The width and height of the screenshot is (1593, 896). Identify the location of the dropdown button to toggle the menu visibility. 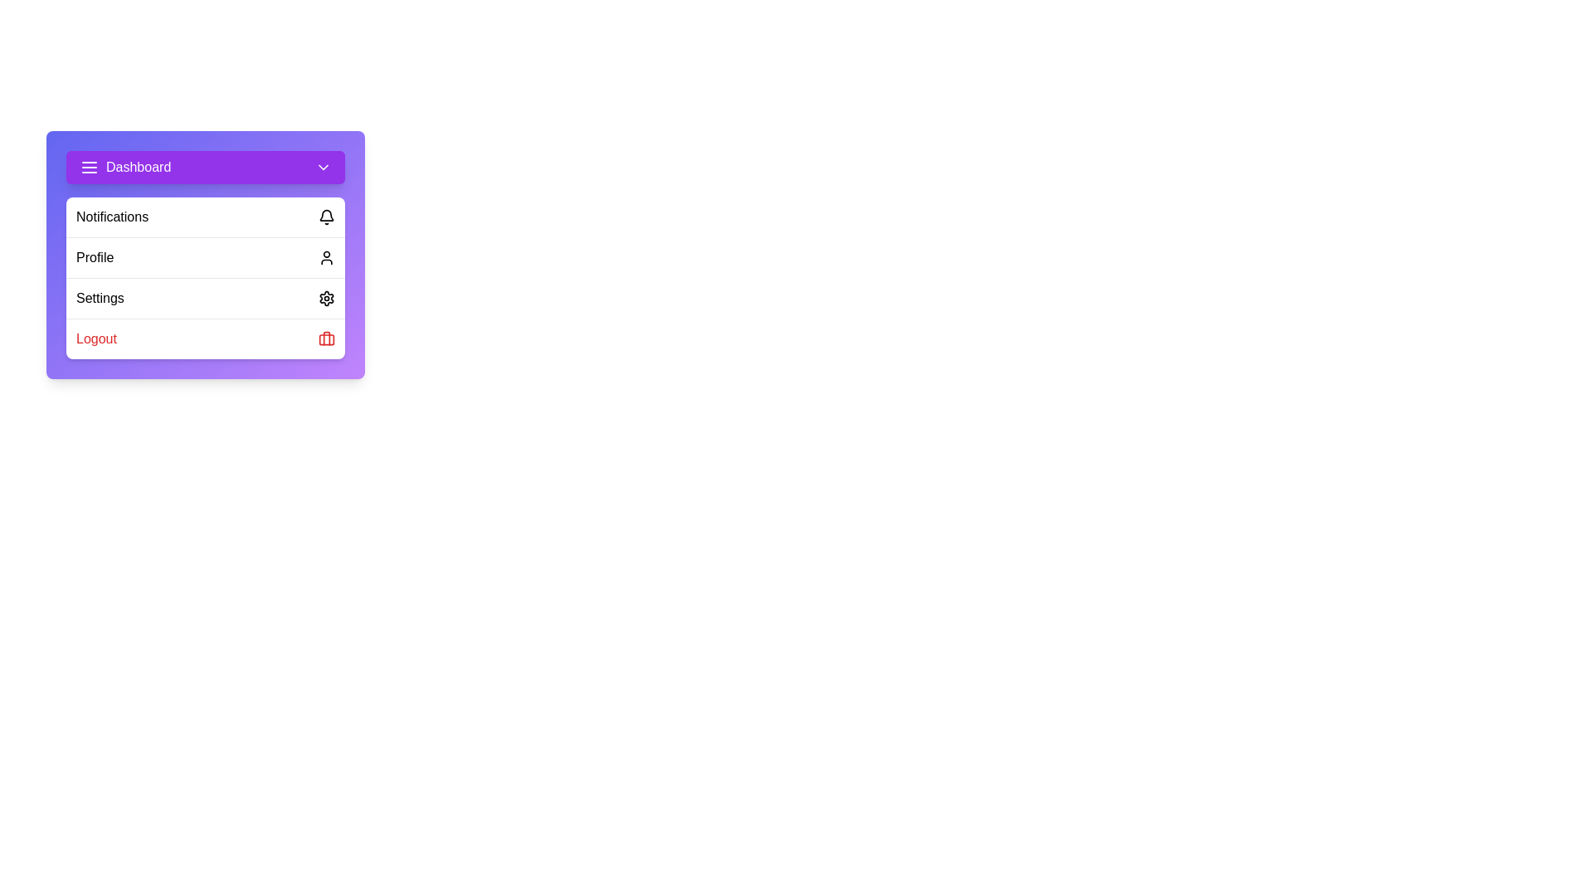
(323, 167).